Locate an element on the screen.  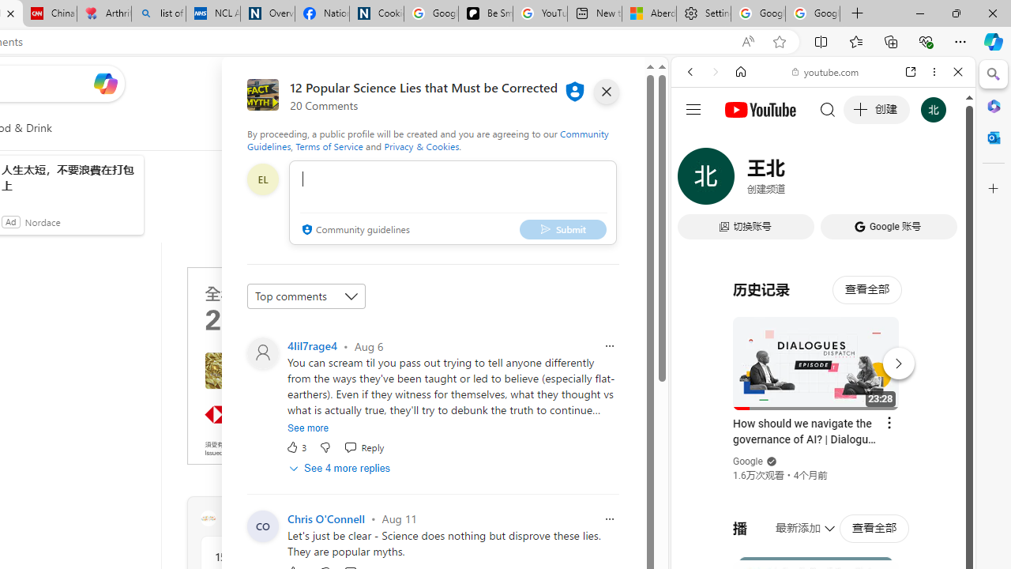
'4lil7rage4' is located at coordinates (312, 345).